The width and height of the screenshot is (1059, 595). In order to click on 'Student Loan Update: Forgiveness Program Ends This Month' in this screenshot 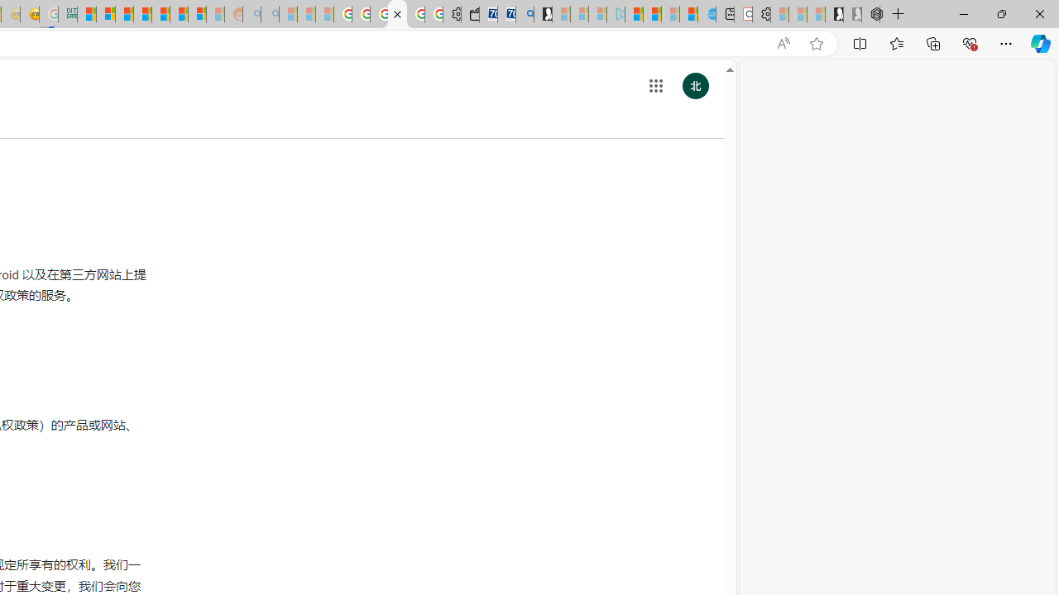, I will do `click(142, 14)`.